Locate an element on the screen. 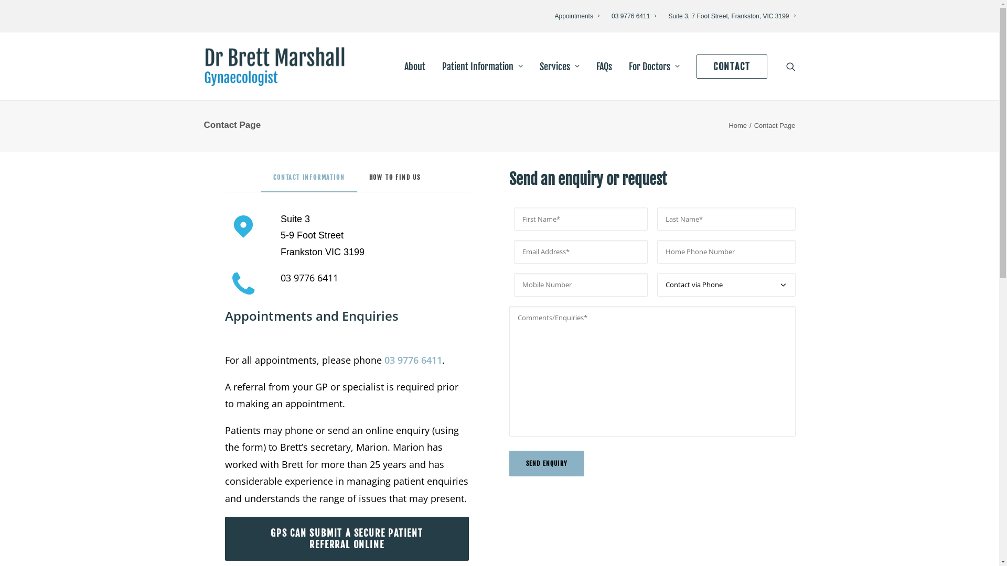 This screenshot has width=1007, height=566. 'Home' is located at coordinates (737, 125).